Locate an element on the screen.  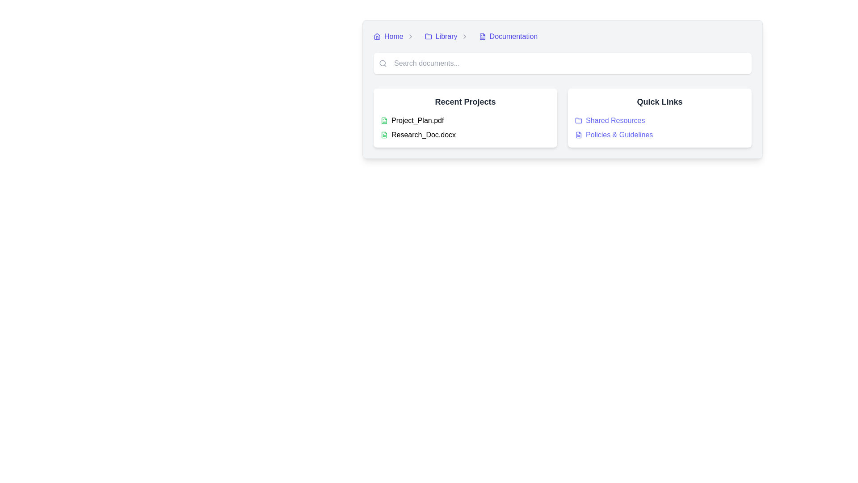
the document icon associated with the 'Policies & Guidelines' link in the 'Quick Links' section by moving the cursor to its center is located at coordinates (579, 135).